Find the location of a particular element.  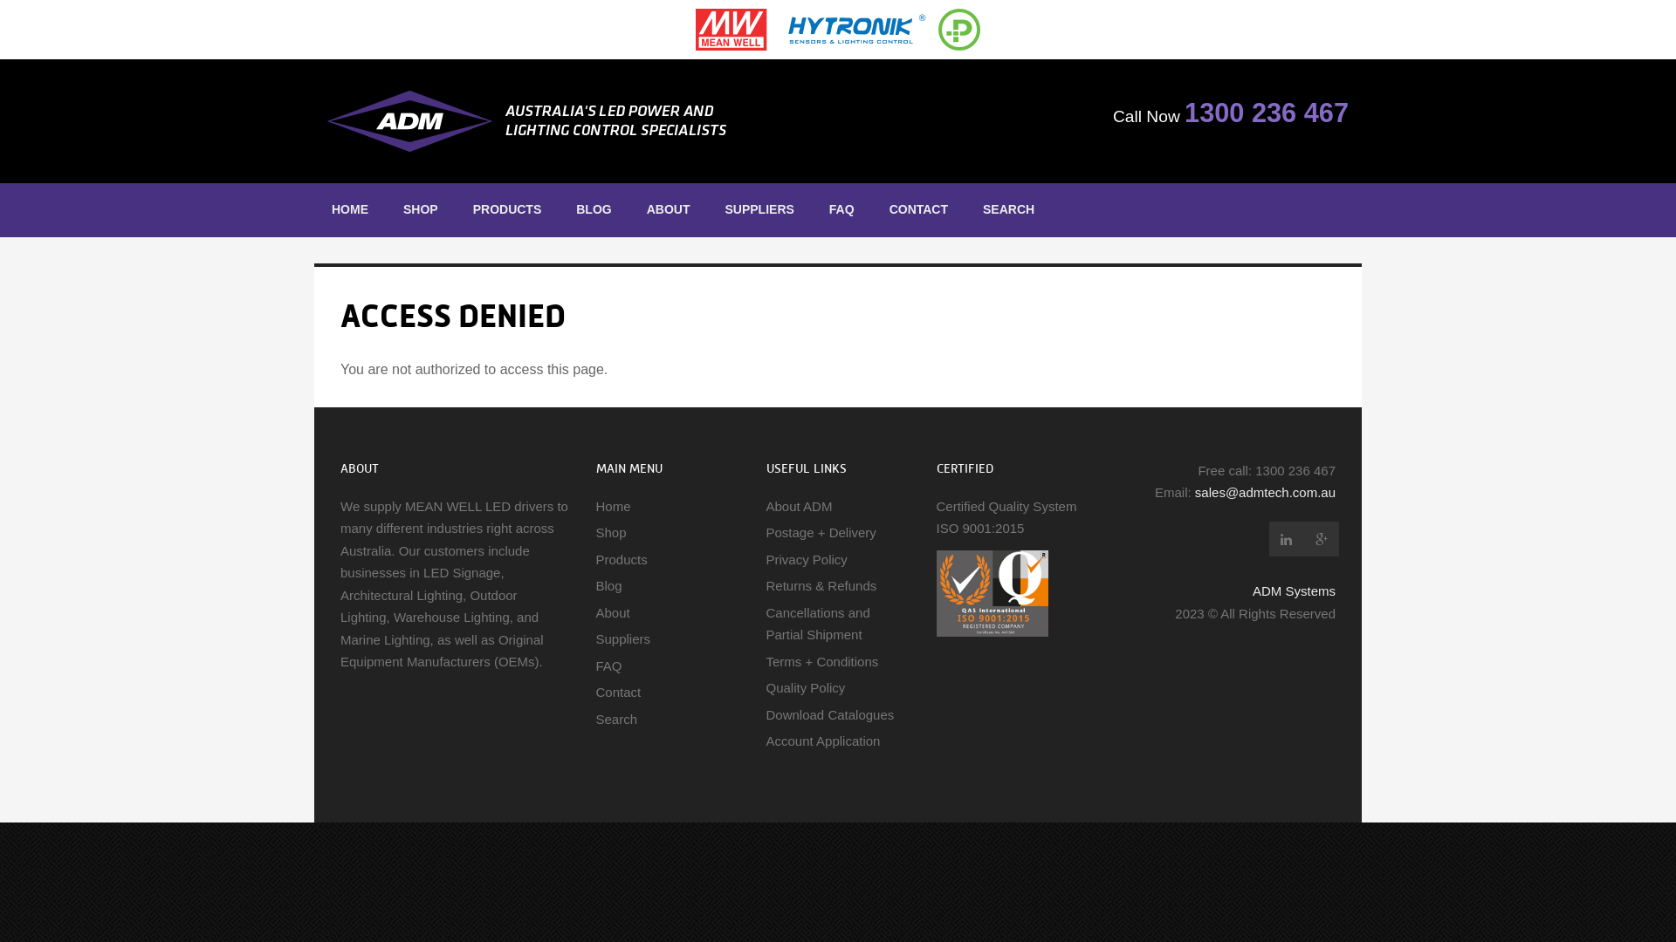

'SHOP' is located at coordinates (420, 208).